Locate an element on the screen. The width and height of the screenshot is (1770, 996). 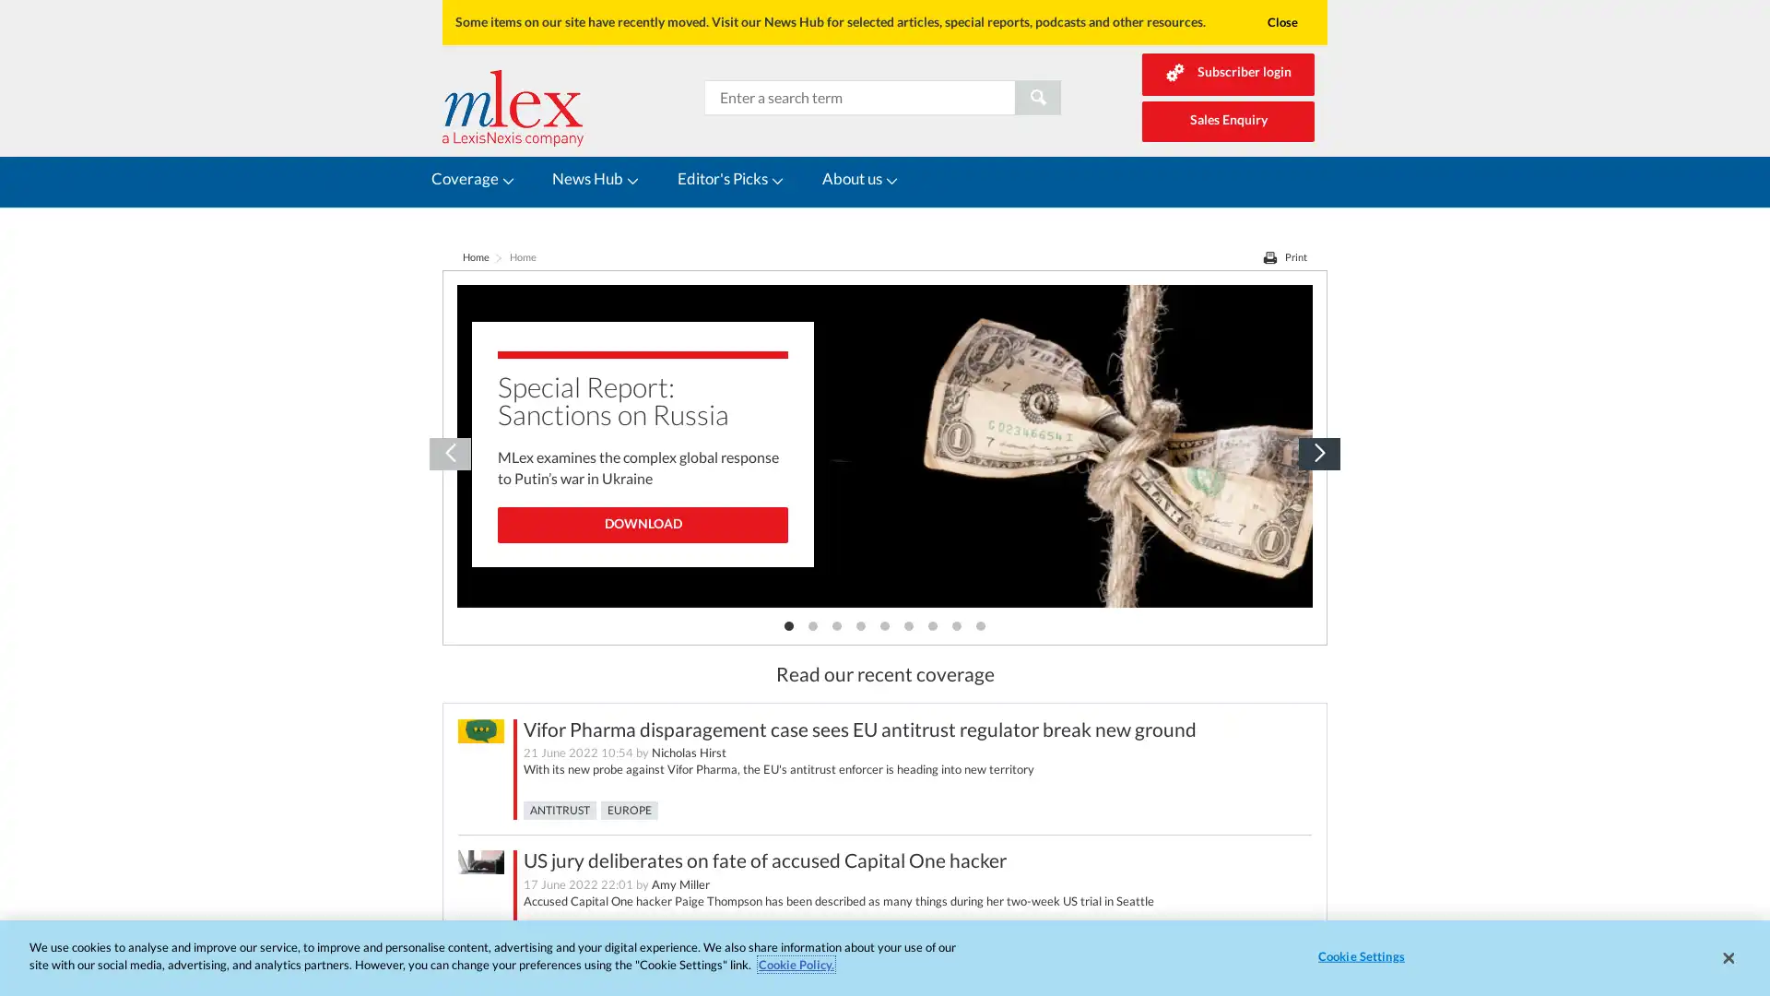
Cookie Settings is located at coordinates (1356, 955).